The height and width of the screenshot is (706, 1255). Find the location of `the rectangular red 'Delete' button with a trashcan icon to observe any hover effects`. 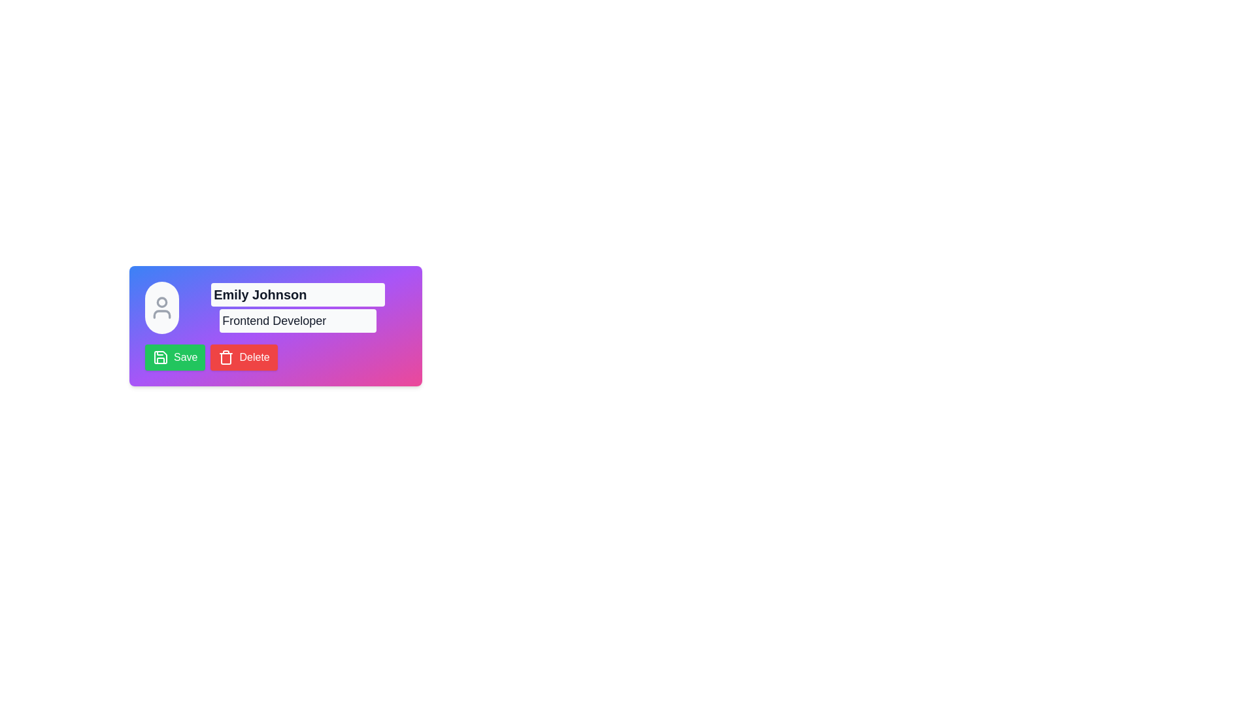

the rectangular red 'Delete' button with a trashcan icon to observe any hover effects is located at coordinates (244, 358).